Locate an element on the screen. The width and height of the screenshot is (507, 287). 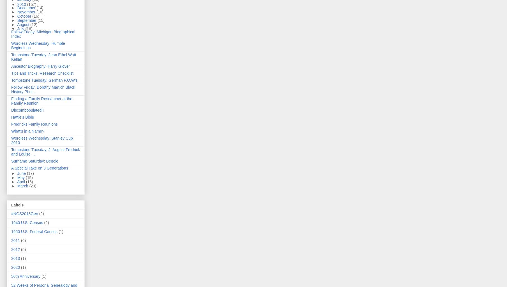
'June' is located at coordinates (21, 173).